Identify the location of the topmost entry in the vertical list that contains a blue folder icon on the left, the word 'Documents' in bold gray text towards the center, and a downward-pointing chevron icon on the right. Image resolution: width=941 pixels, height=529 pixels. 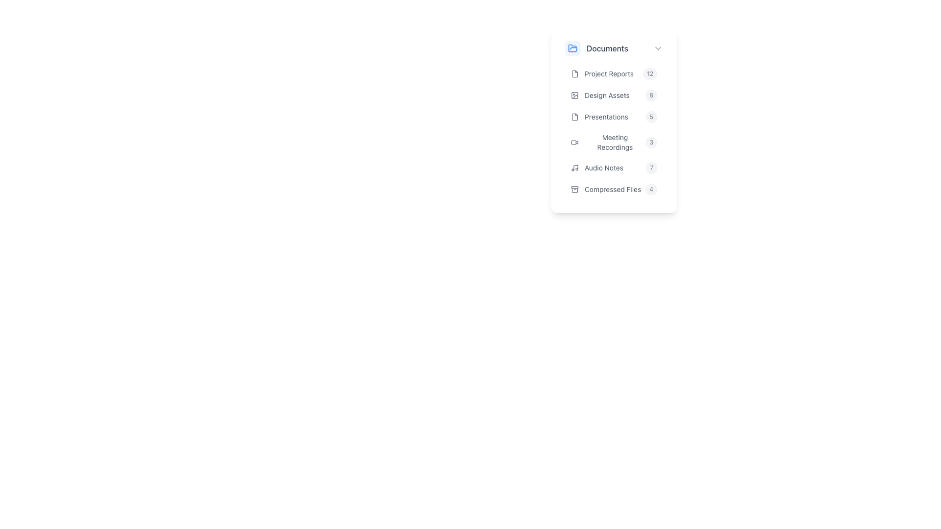
(613, 48).